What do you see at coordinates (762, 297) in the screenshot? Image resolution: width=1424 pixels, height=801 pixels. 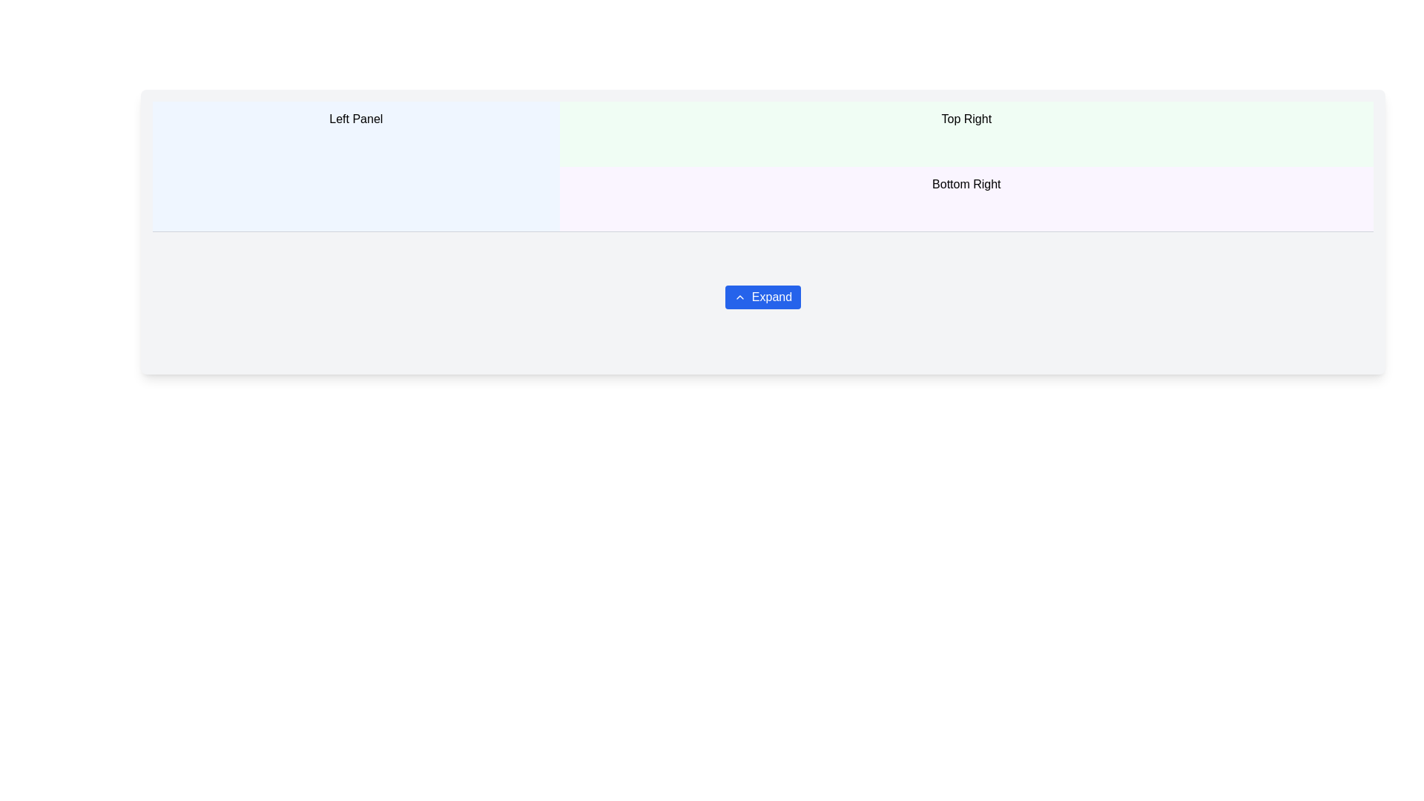 I see `the blue 'Expand' button with a chevron icon` at bounding box center [762, 297].